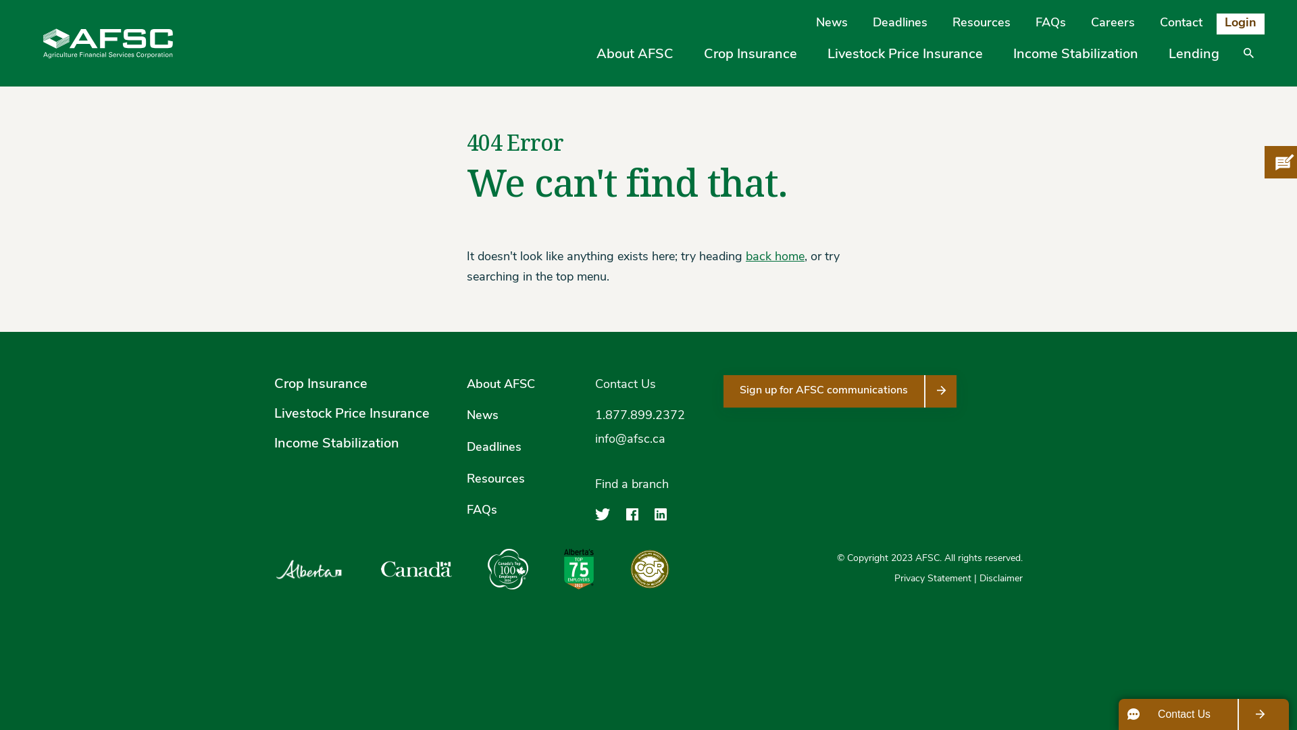  I want to click on 'Deadlines', so click(493, 447).